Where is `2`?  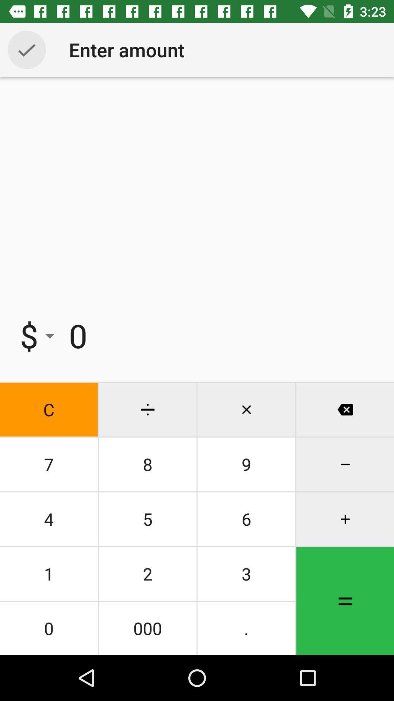 2 is located at coordinates (147, 573).